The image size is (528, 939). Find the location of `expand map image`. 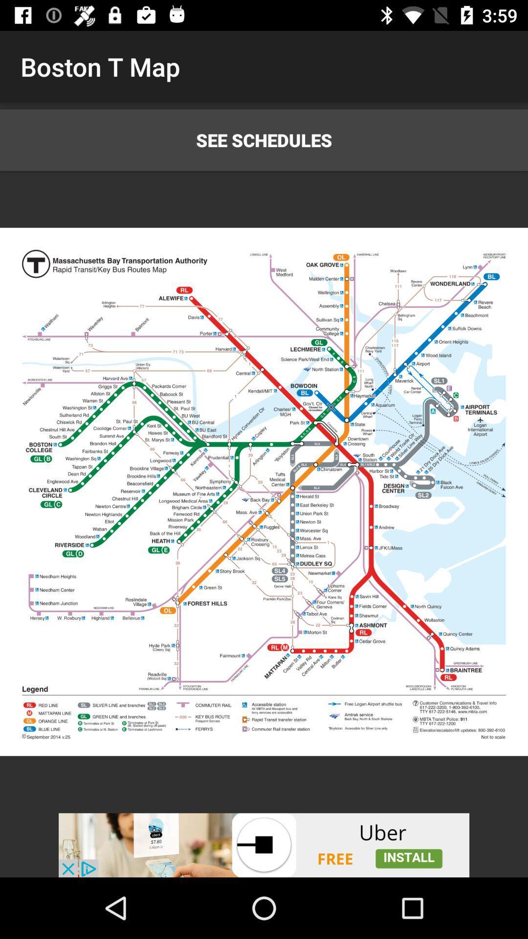

expand map image is located at coordinates (264, 492).